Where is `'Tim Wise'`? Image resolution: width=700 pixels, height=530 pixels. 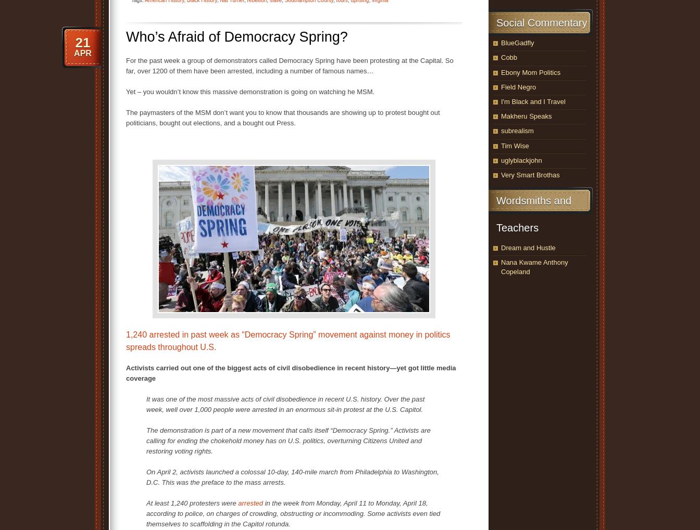 'Tim Wise' is located at coordinates (515, 145).